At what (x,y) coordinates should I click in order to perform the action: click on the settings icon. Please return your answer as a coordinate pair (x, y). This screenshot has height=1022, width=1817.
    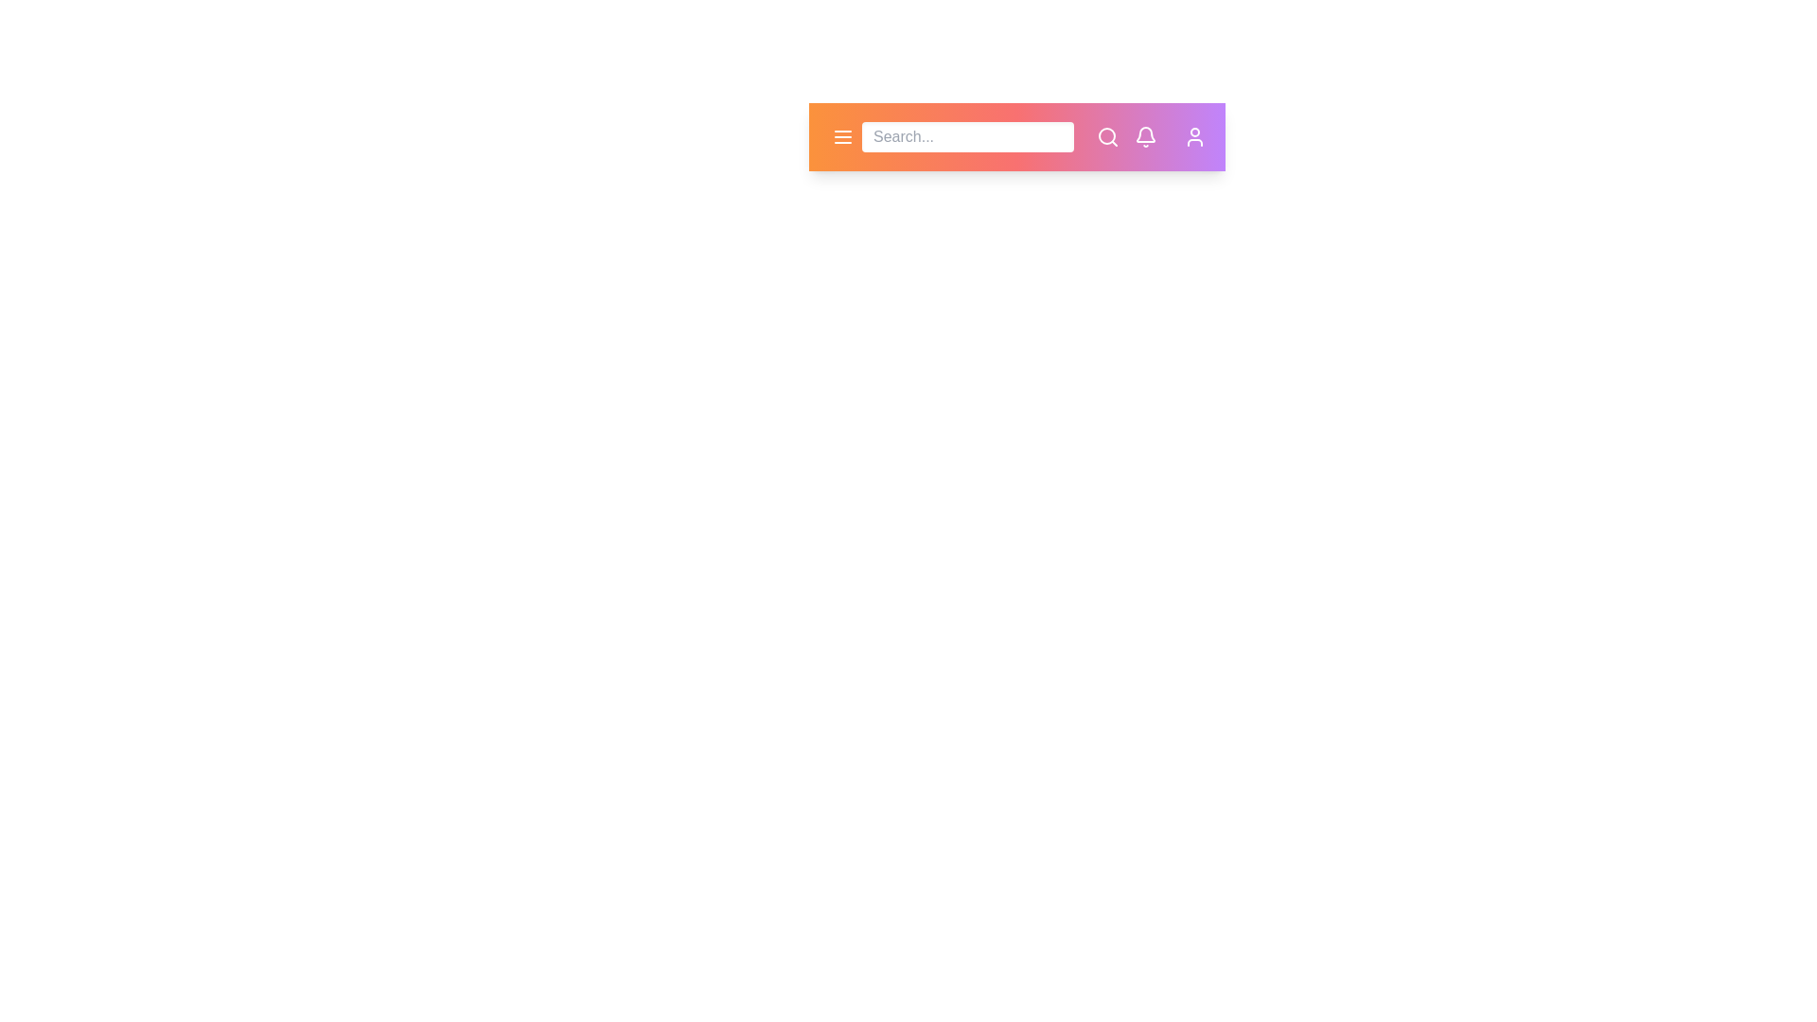
    Looking at the image, I should click on (1244, 136).